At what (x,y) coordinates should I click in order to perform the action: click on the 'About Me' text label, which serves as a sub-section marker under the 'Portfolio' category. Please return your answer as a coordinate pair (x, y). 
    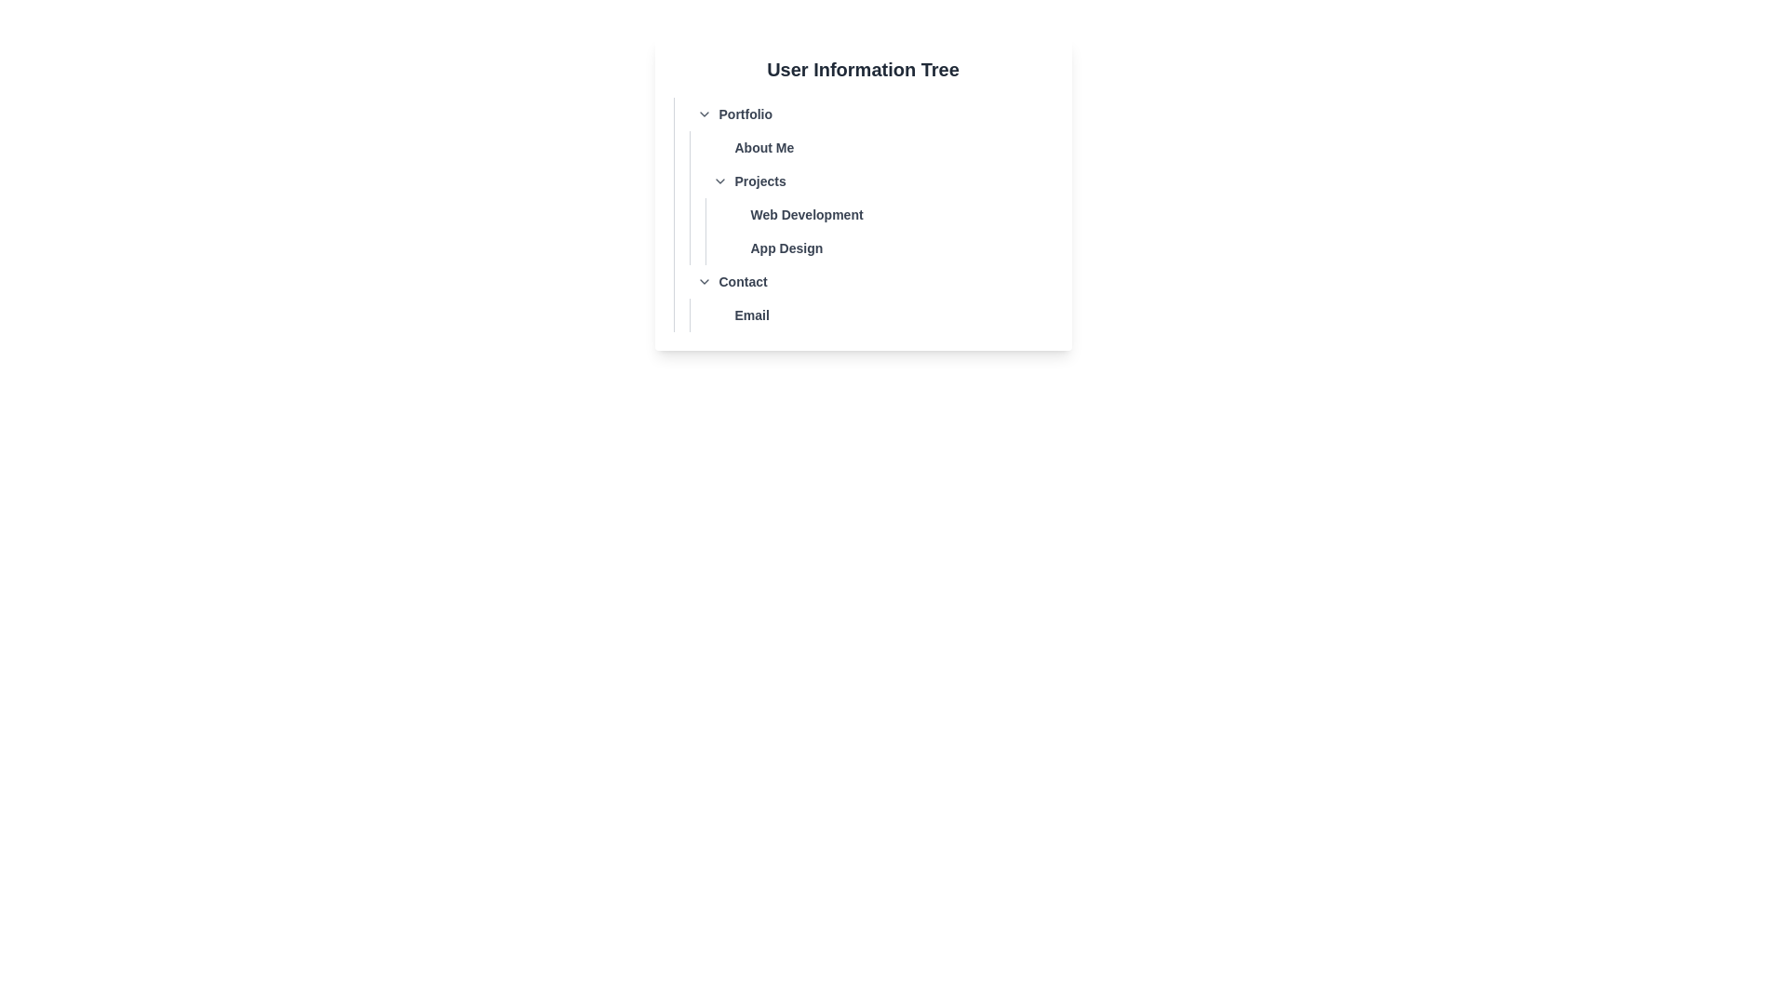
    Looking at the image, I should click on (764, 146).